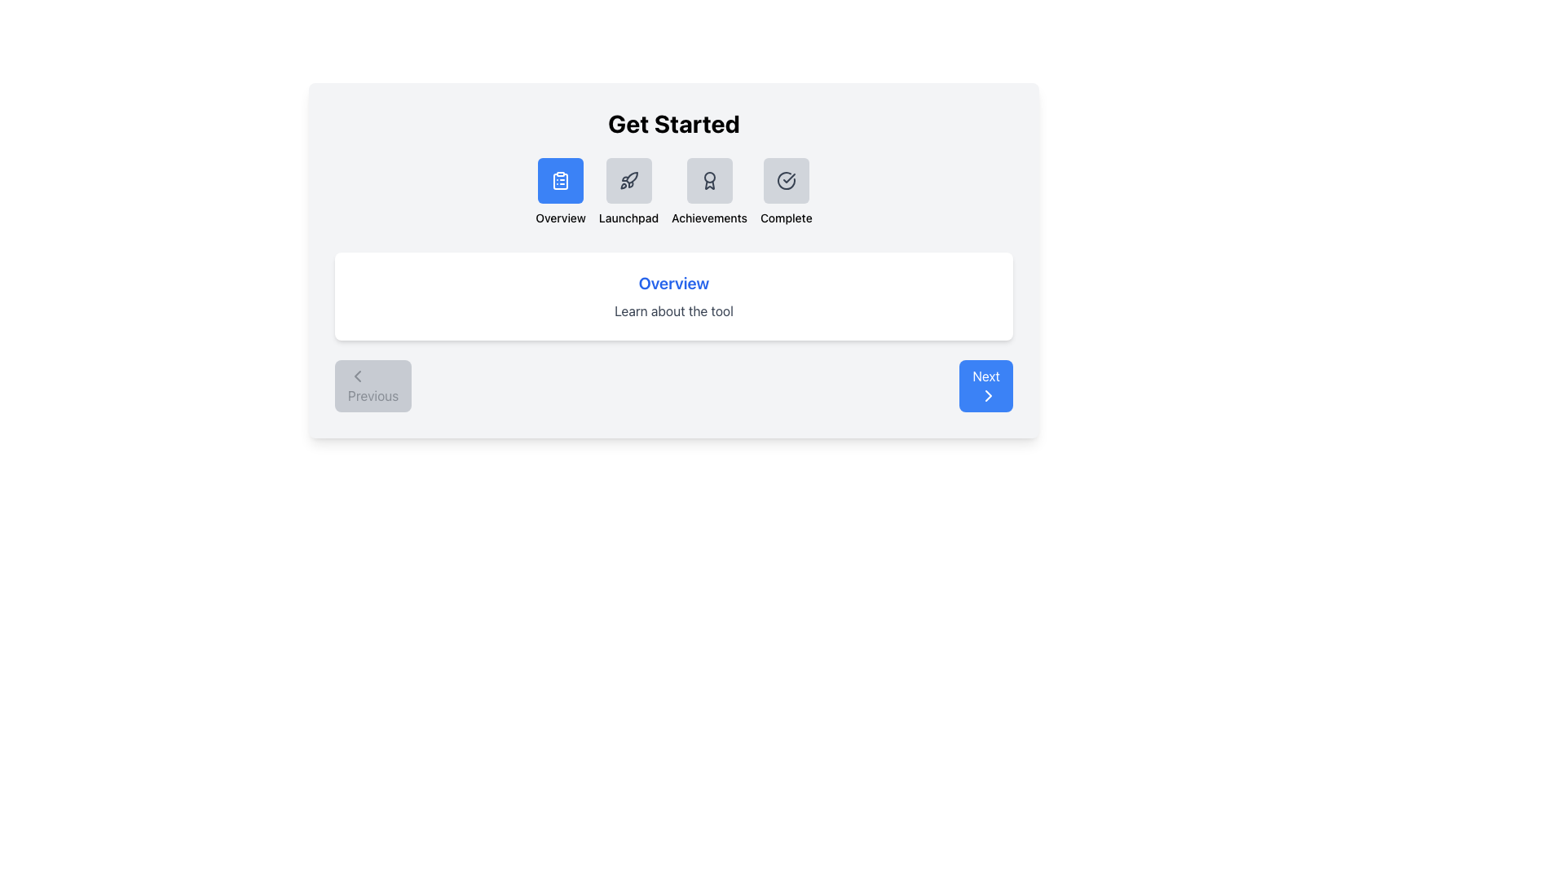 The image size is (1565, 880). What do you see at coordinates (988, 396) in the screenshot?
I see `the 'Next' button which contains a right-pointing chevron arrow icon styled with a defined outline, located at the bottom-right corner of the interface` at bounding box center [988, 396].